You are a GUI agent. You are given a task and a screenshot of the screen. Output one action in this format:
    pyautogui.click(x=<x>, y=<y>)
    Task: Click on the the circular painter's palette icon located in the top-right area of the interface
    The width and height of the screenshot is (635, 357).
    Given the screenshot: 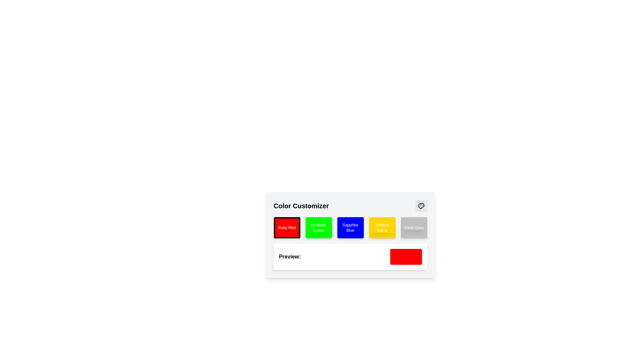 What is the action you would take?
    pyautogui.click(x=421, y=206)
    